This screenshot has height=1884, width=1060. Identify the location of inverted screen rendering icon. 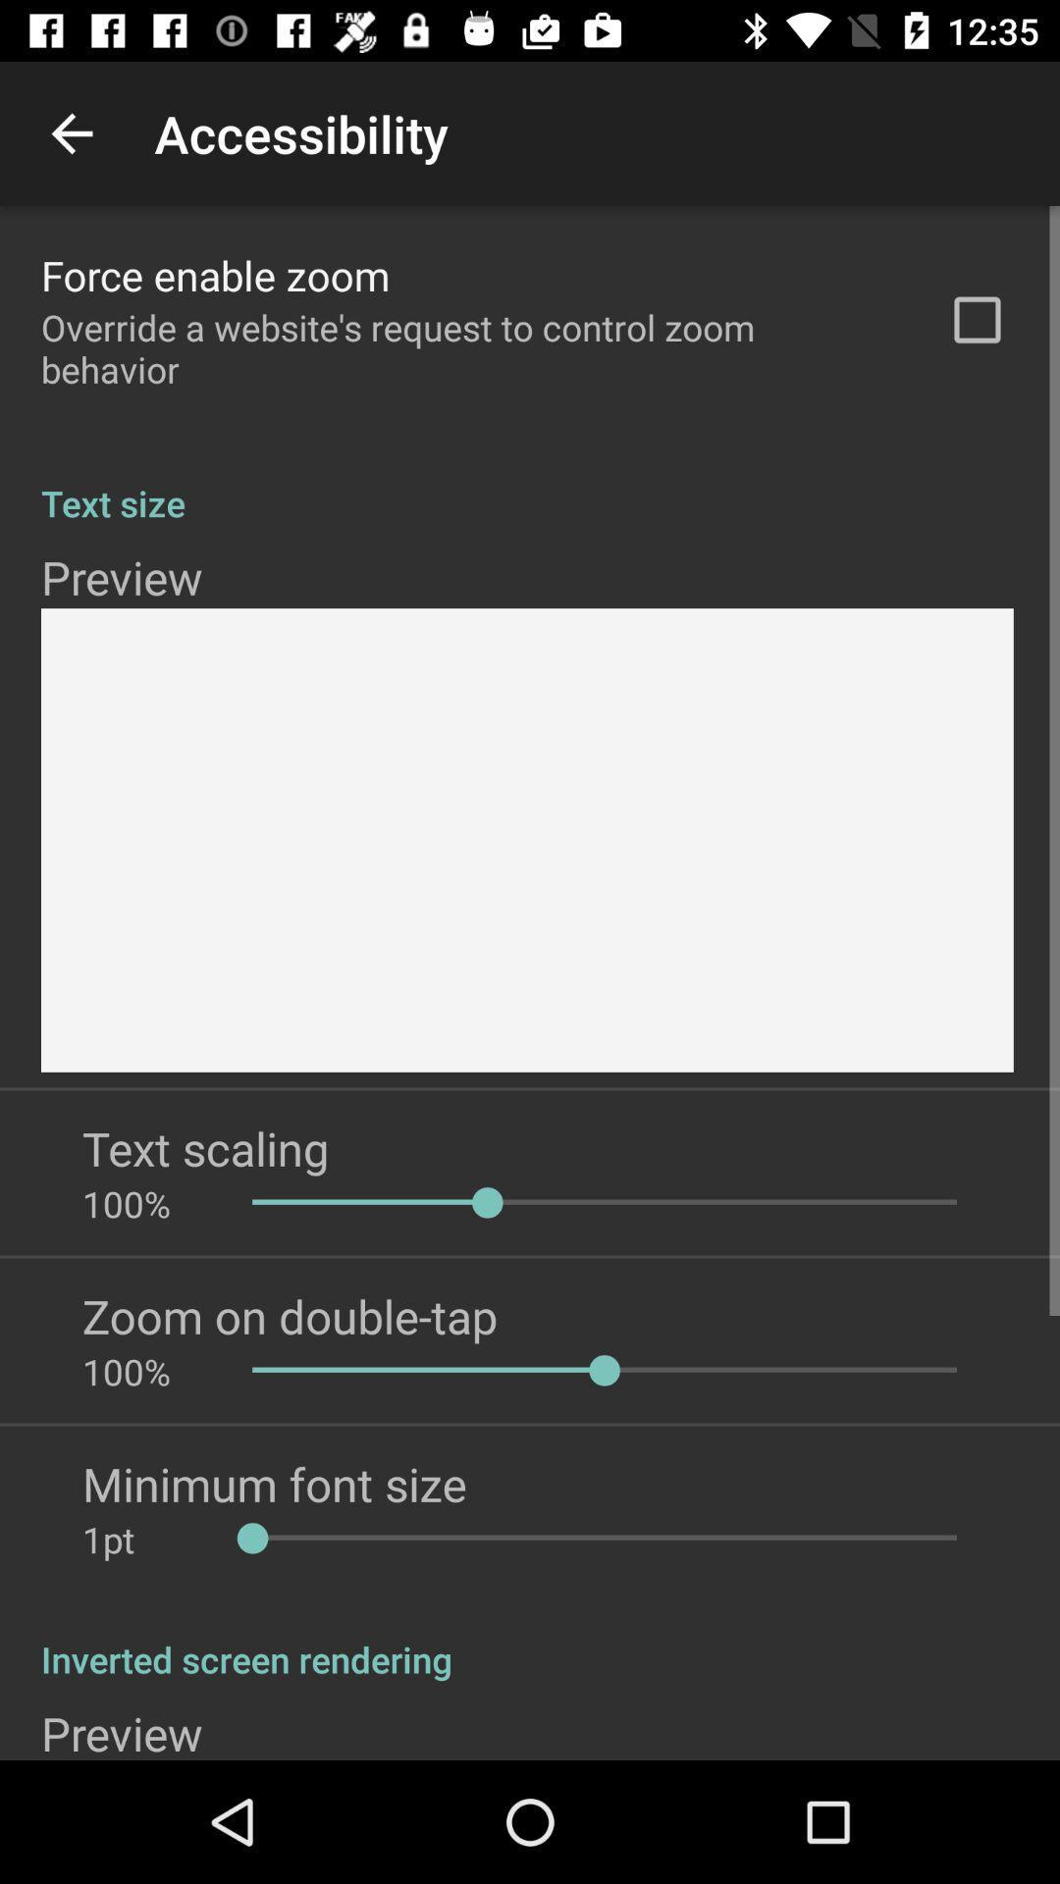
(530, 1639).